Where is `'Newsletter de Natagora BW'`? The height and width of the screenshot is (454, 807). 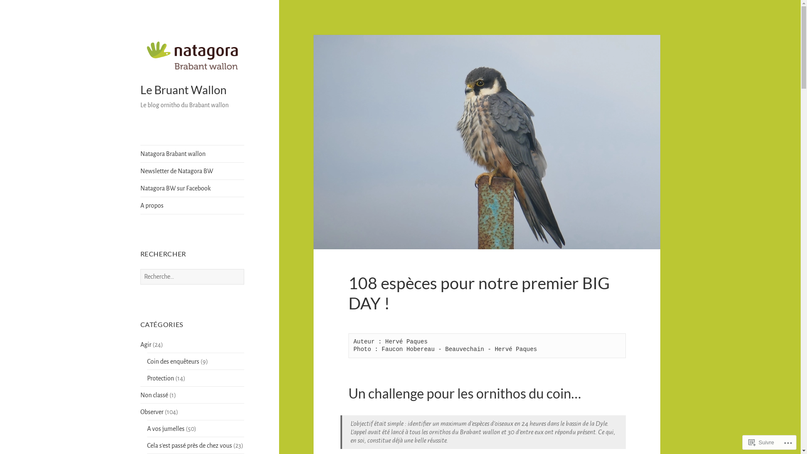 'Newsletter de Natagora BW' is located at coordinates (140, 171).